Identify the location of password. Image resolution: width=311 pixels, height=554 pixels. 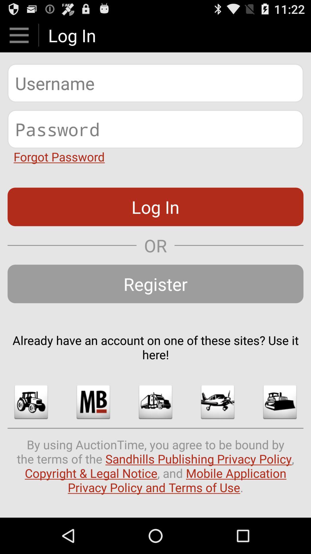
(155, 129).